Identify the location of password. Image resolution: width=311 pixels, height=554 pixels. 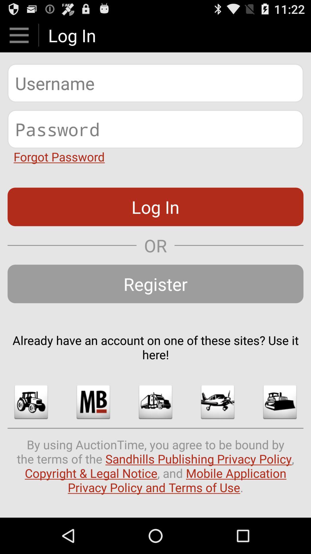
(155, 129).